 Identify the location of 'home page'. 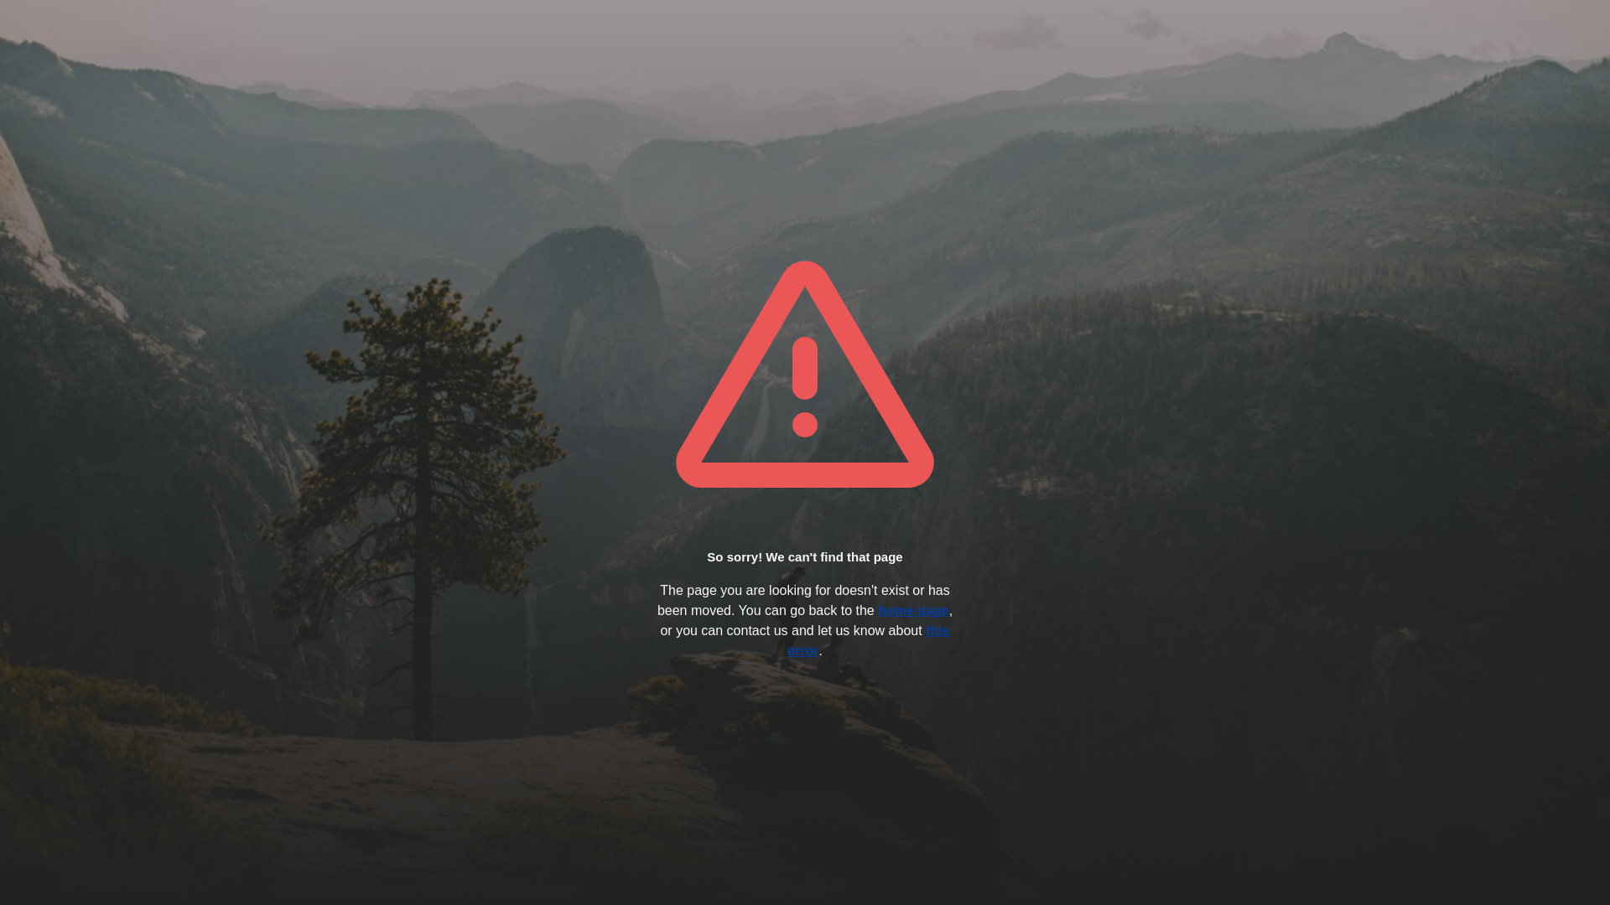
(912, 610).